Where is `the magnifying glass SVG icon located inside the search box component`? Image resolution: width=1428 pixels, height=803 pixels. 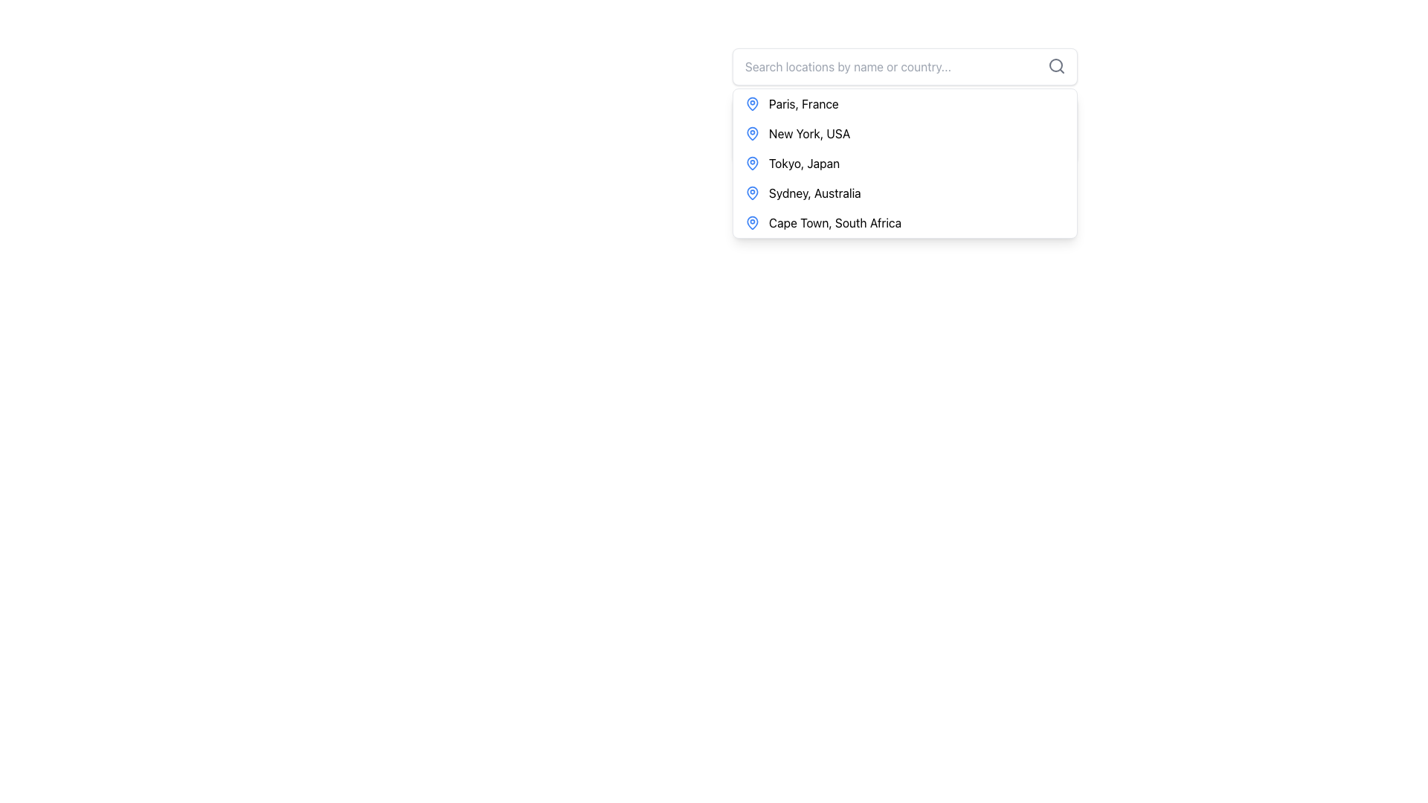 the magnifying glass SVG icon located inside the search box component is located at coordinates (1055, 65).